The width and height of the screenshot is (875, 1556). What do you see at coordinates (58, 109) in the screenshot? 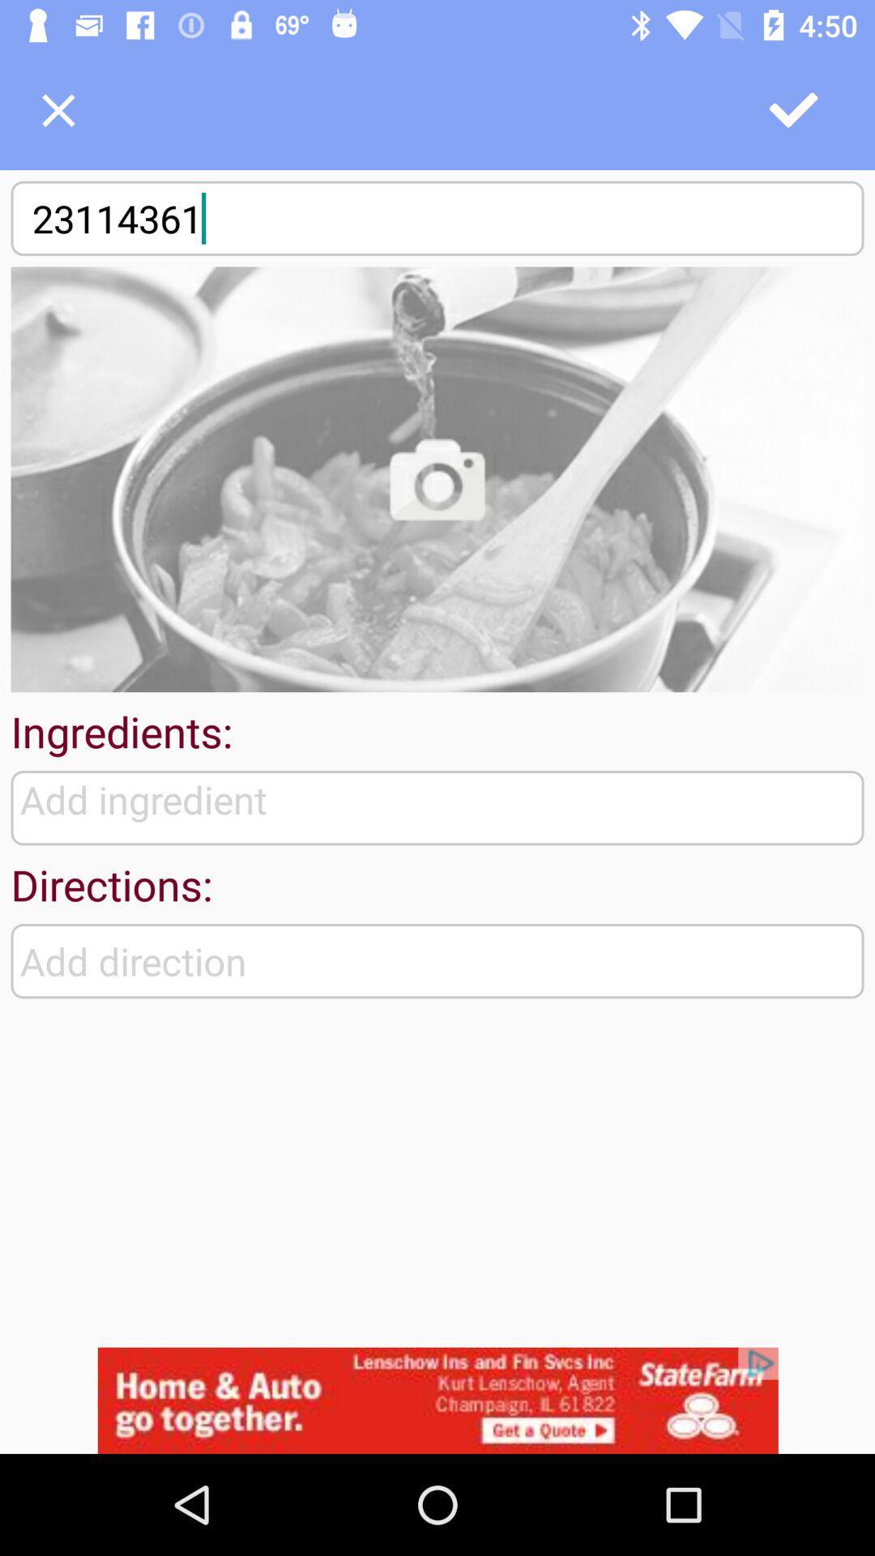
I see `dialogue box` at bounding box center [58, 109].